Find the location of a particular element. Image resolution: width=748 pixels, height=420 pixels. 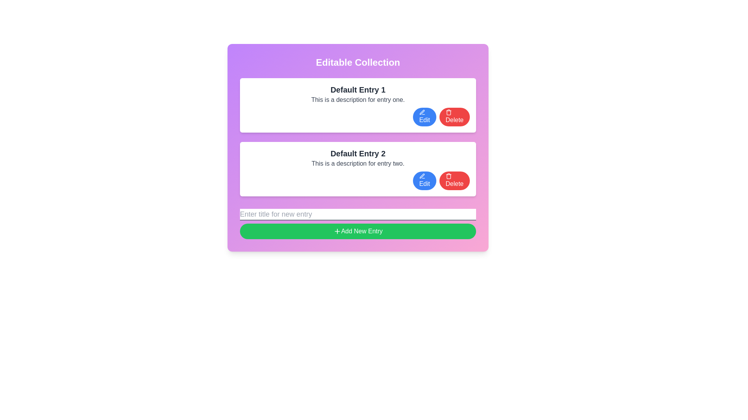

the red, rounded 'Delete' button located at the bottom-right corner of the content card labeled 'Default Entry 2' is located at coordinates (454, 181).